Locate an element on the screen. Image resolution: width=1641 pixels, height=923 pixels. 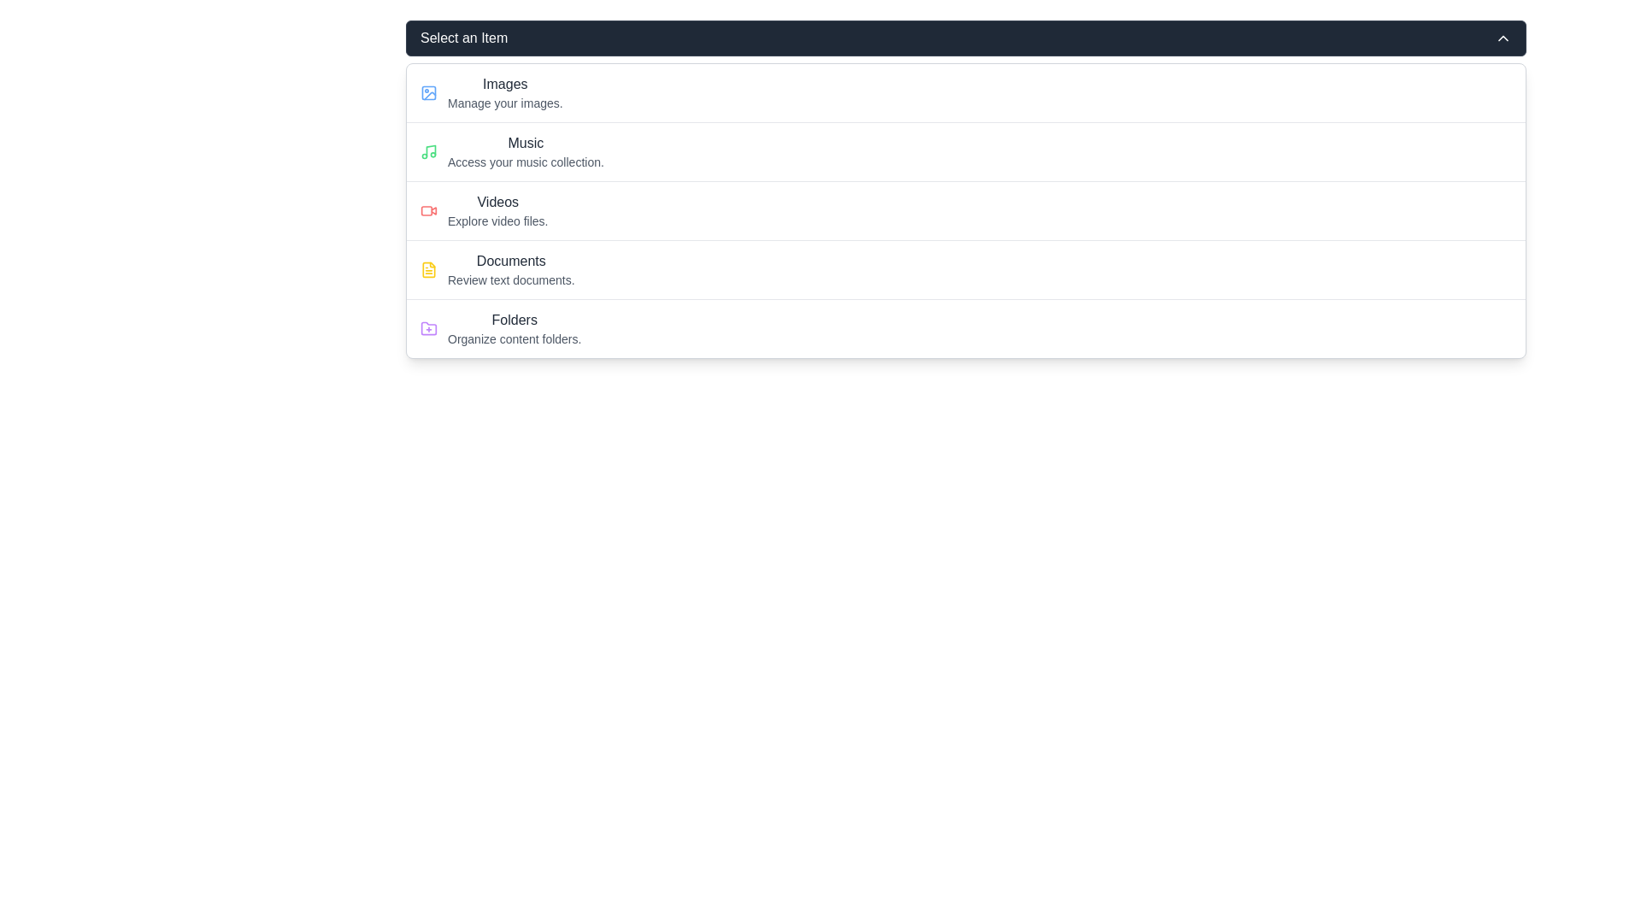
the second list item in the vertical menu is located at coordinates (966, 150).